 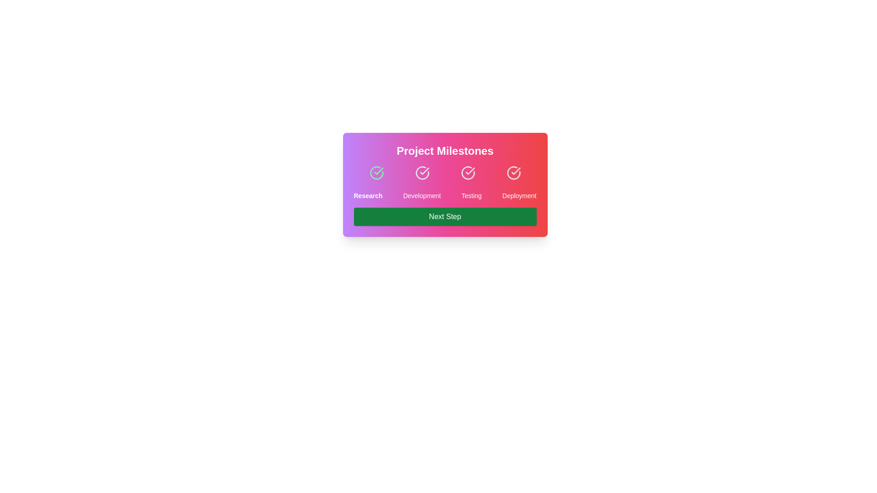 What do you see at coordinates (422, 173) in the screenshot?
I see `the circular checkmark icon, which is the second icon in a group of four representing project milestones, styled in gray with a minimalist design` at bounding box center [422, 173].